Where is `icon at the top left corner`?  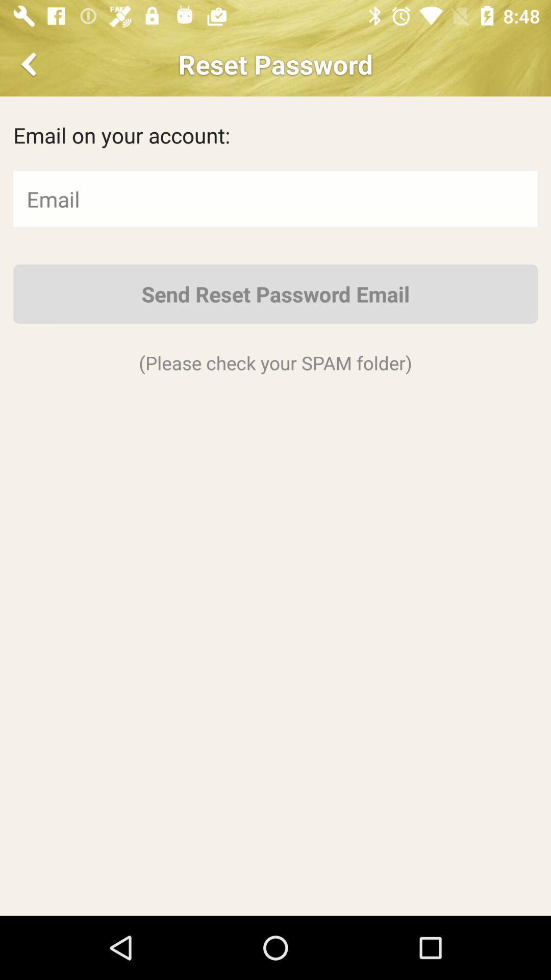
icon at the top left corner is located at coordinates (30, 63).